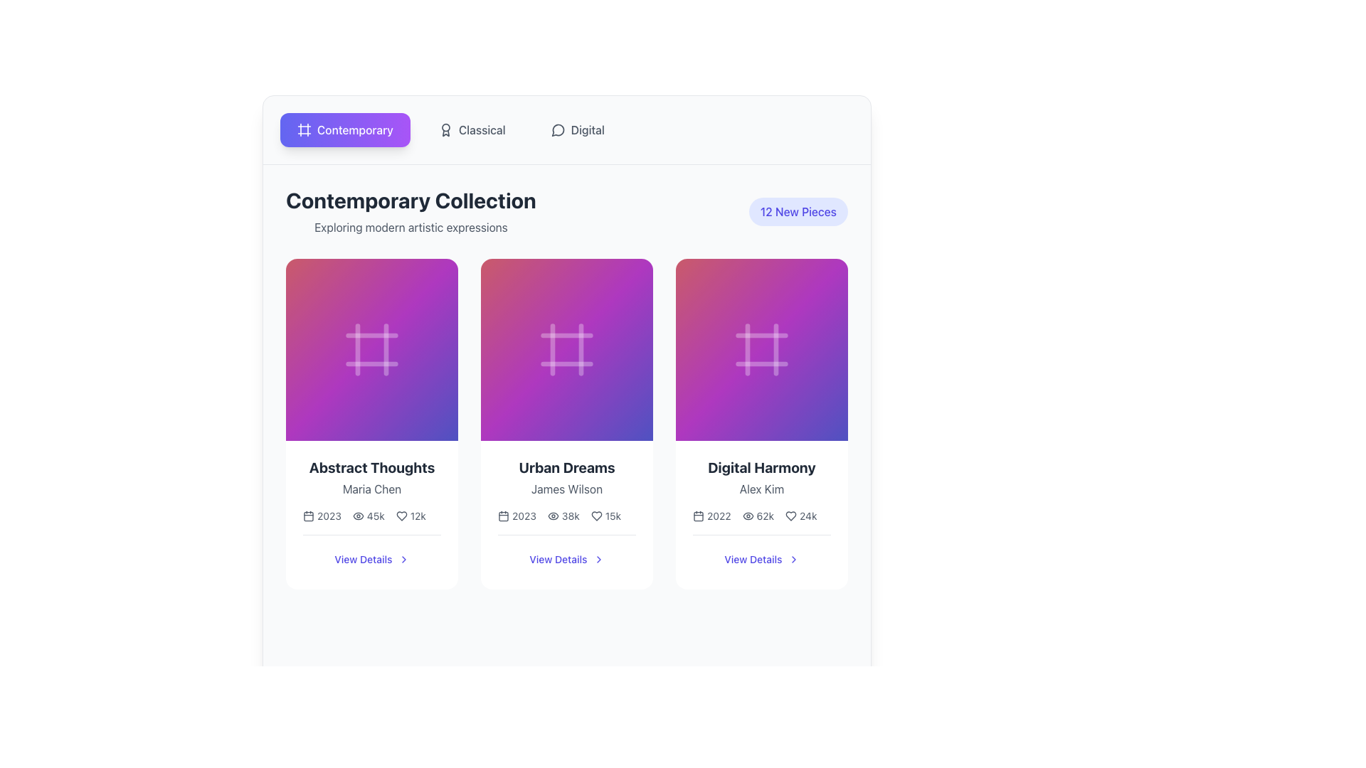 This screenshot has width=1366, height=768. What do you see at coordinates (747, 516) in the screenshot?
I see `the minimalistic eye icon located` at bounding box center [747, 516].